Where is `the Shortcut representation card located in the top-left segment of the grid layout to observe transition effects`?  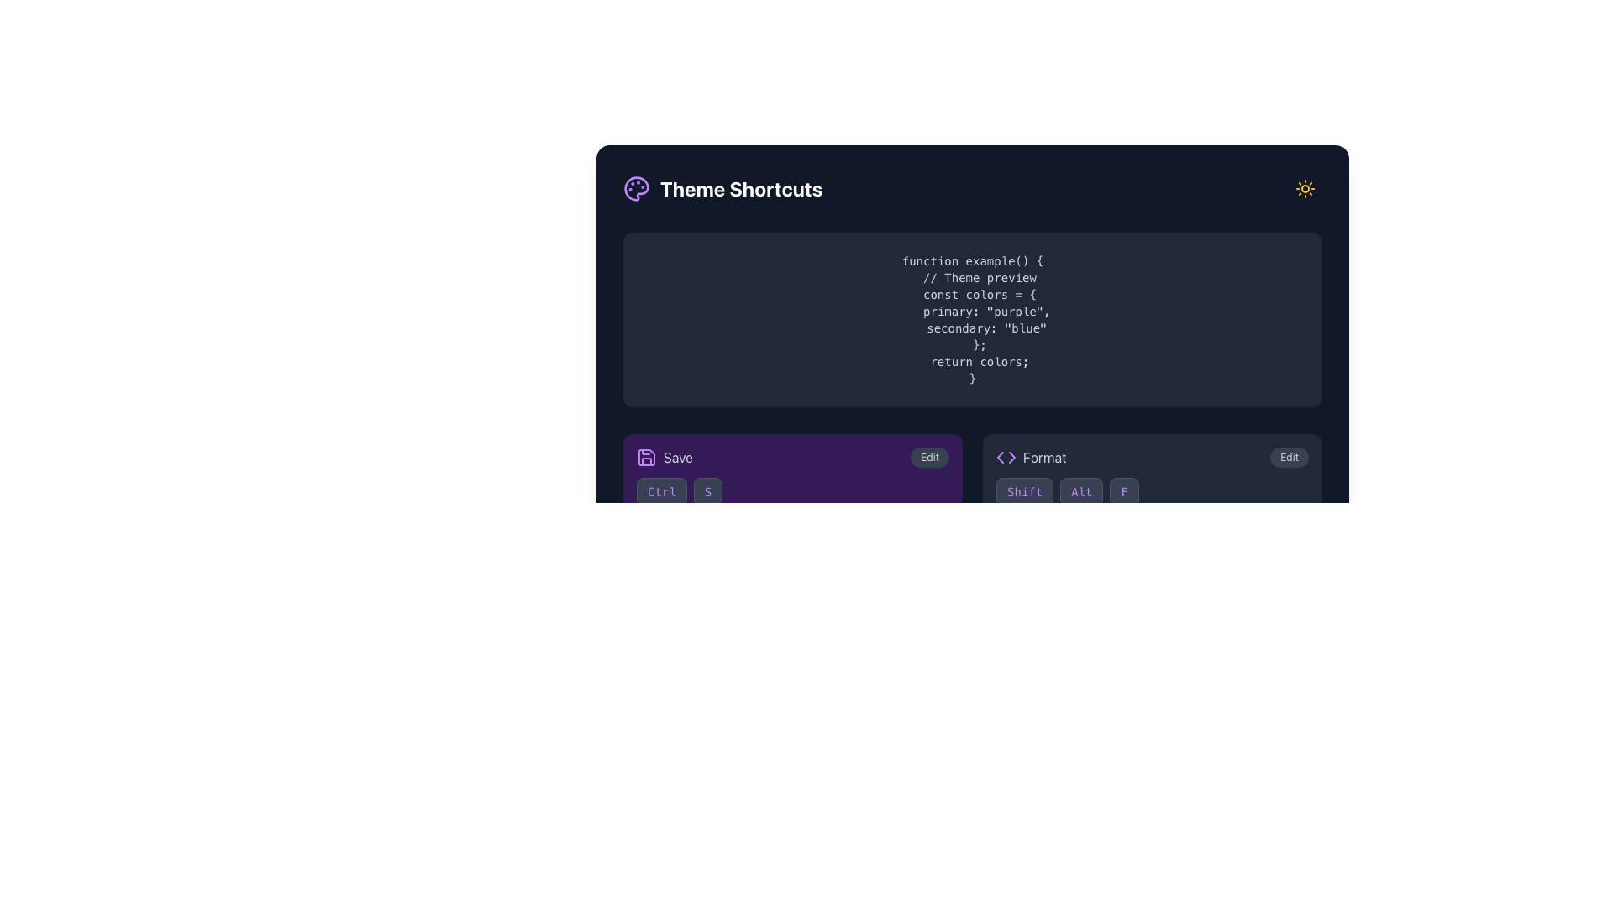
the Shortcut representation card located in the top-left segment of the grid layout to observe transition effects is located at coordinates (792, 476).